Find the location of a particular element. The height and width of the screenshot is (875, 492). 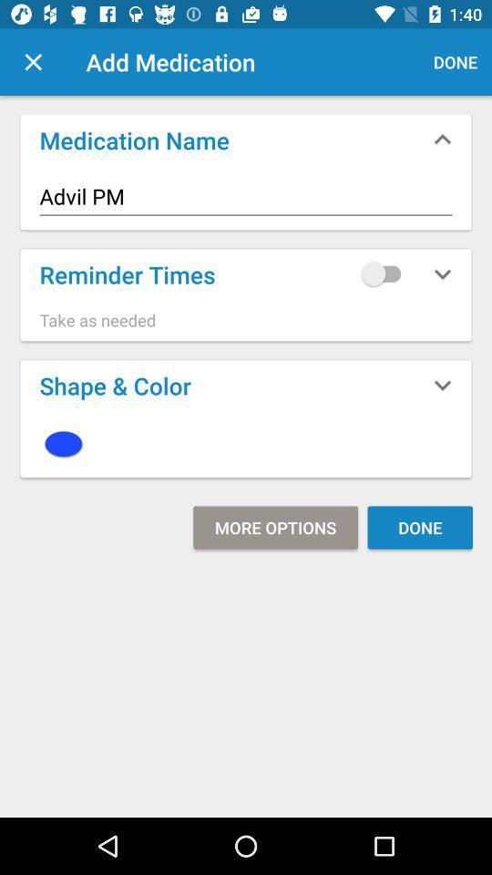

autoplay option is located at coordinates (384, 273).